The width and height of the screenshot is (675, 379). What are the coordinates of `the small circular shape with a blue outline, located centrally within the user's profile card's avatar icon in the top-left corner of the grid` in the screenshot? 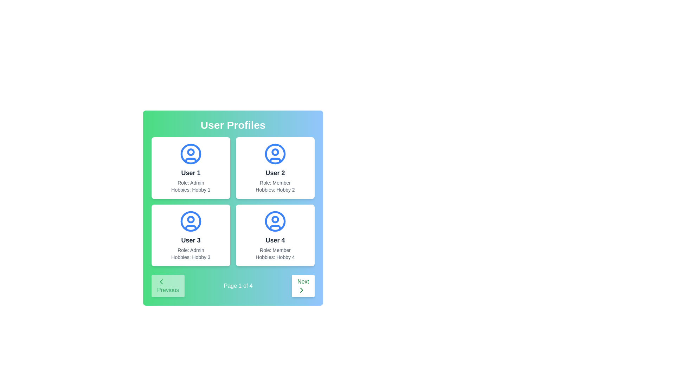 It's located at (191, 151).